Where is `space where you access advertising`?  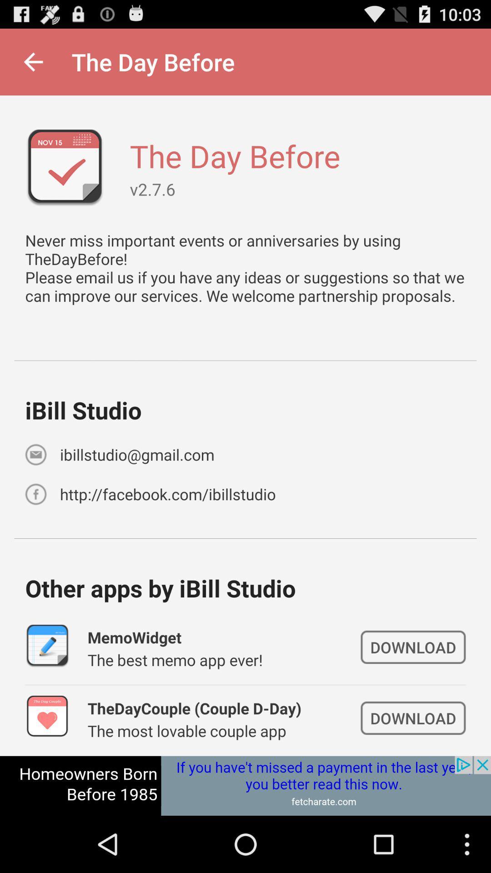 space where you access advertising is located at coordinates (245, 785).